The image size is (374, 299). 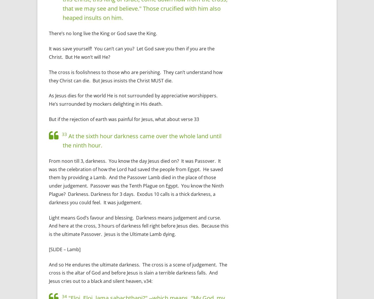 I want to click on 'The cross is foolishness to those who are perishing.  They can’t understand how they Christ can die.  But Jesus insists the Christ MUST die.', so click(x=135, y=76).